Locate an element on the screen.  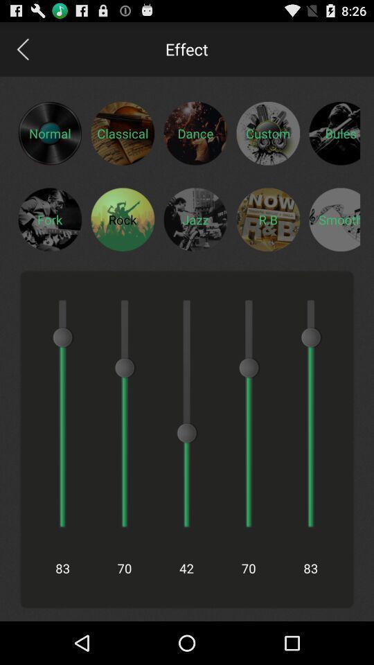
dance effect is located at coordinates (195, 133).